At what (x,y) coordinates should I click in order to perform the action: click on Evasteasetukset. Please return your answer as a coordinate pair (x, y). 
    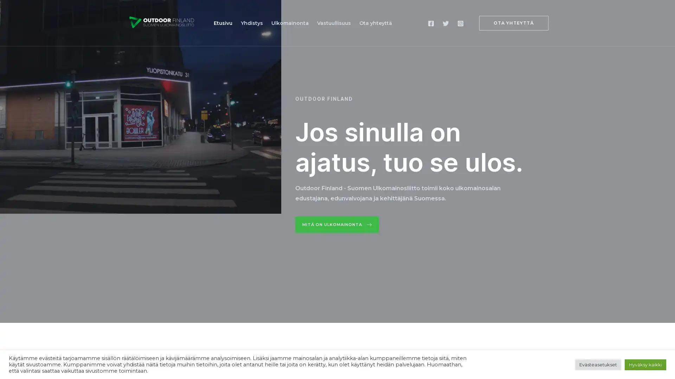
    Looking at the image, I should click on (598, 364).